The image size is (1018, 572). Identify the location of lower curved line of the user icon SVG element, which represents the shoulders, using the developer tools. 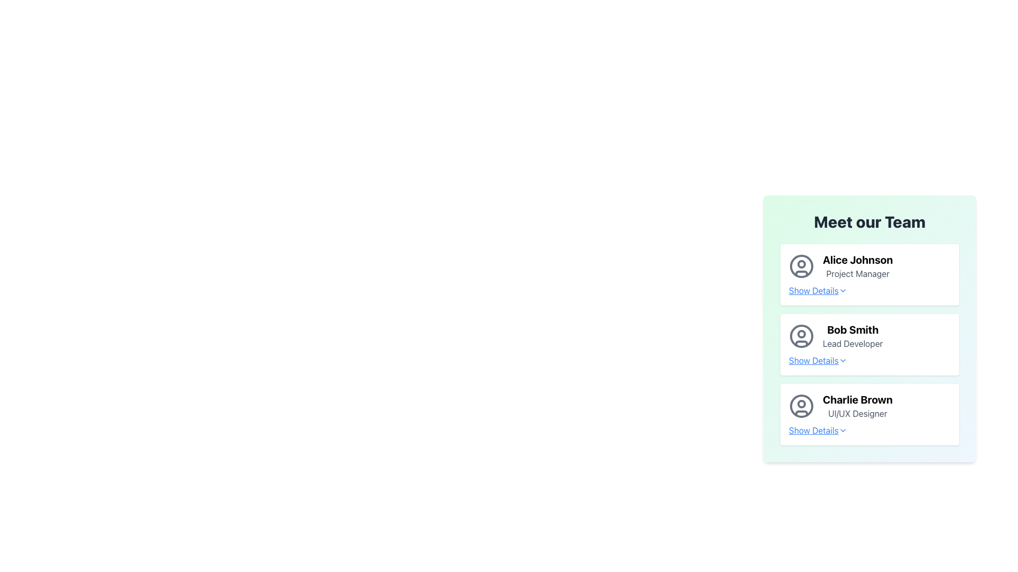
(802, 273).